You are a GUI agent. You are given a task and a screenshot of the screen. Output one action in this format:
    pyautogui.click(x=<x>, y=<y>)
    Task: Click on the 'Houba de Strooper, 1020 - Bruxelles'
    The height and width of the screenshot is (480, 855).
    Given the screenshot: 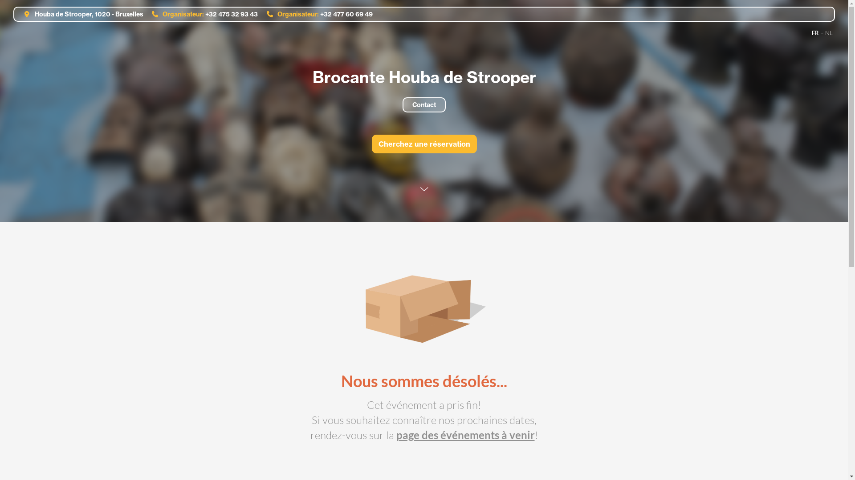 What is the action you would take?
    pyautogui.click(x=81, y=14)
    